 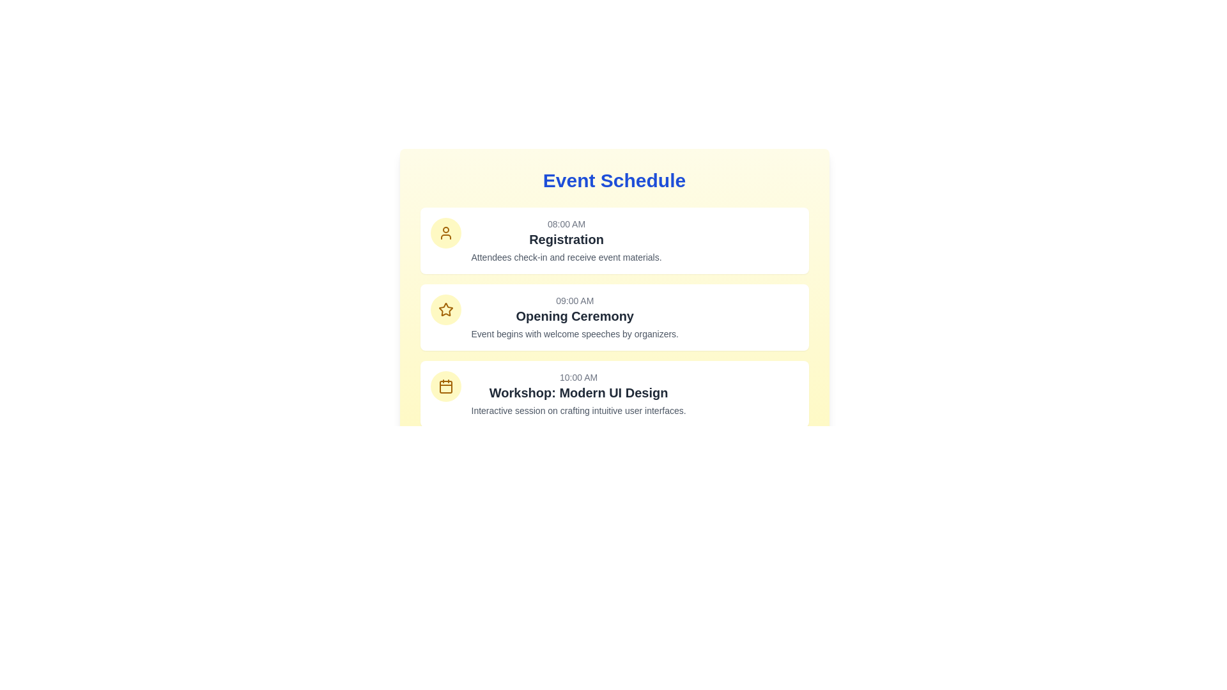 I want to click on the user silhouette icon with a brown outline, which is centered within a circular yellow background, located in the left section of the first event entry titled 'Registration', so click(x=445, y=233).